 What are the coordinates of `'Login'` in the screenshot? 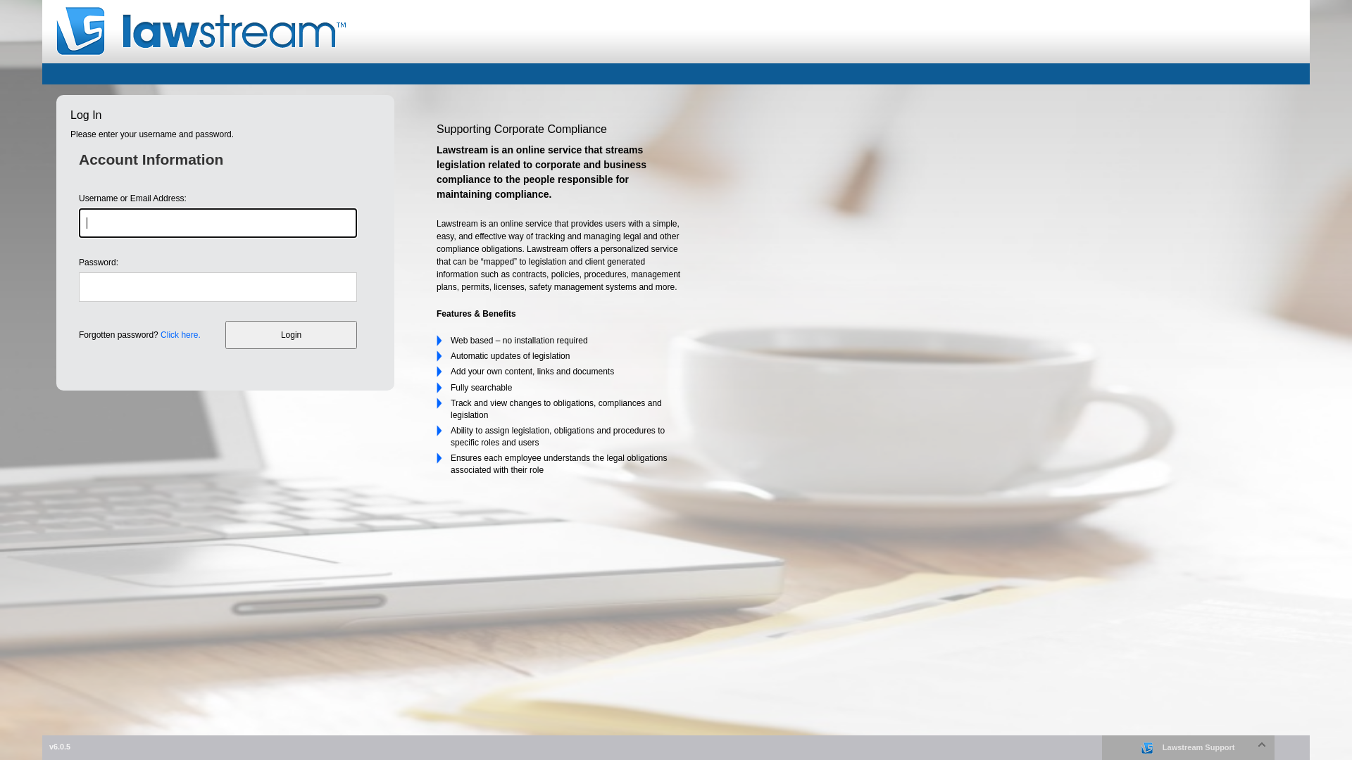 It's located at (225, 334).